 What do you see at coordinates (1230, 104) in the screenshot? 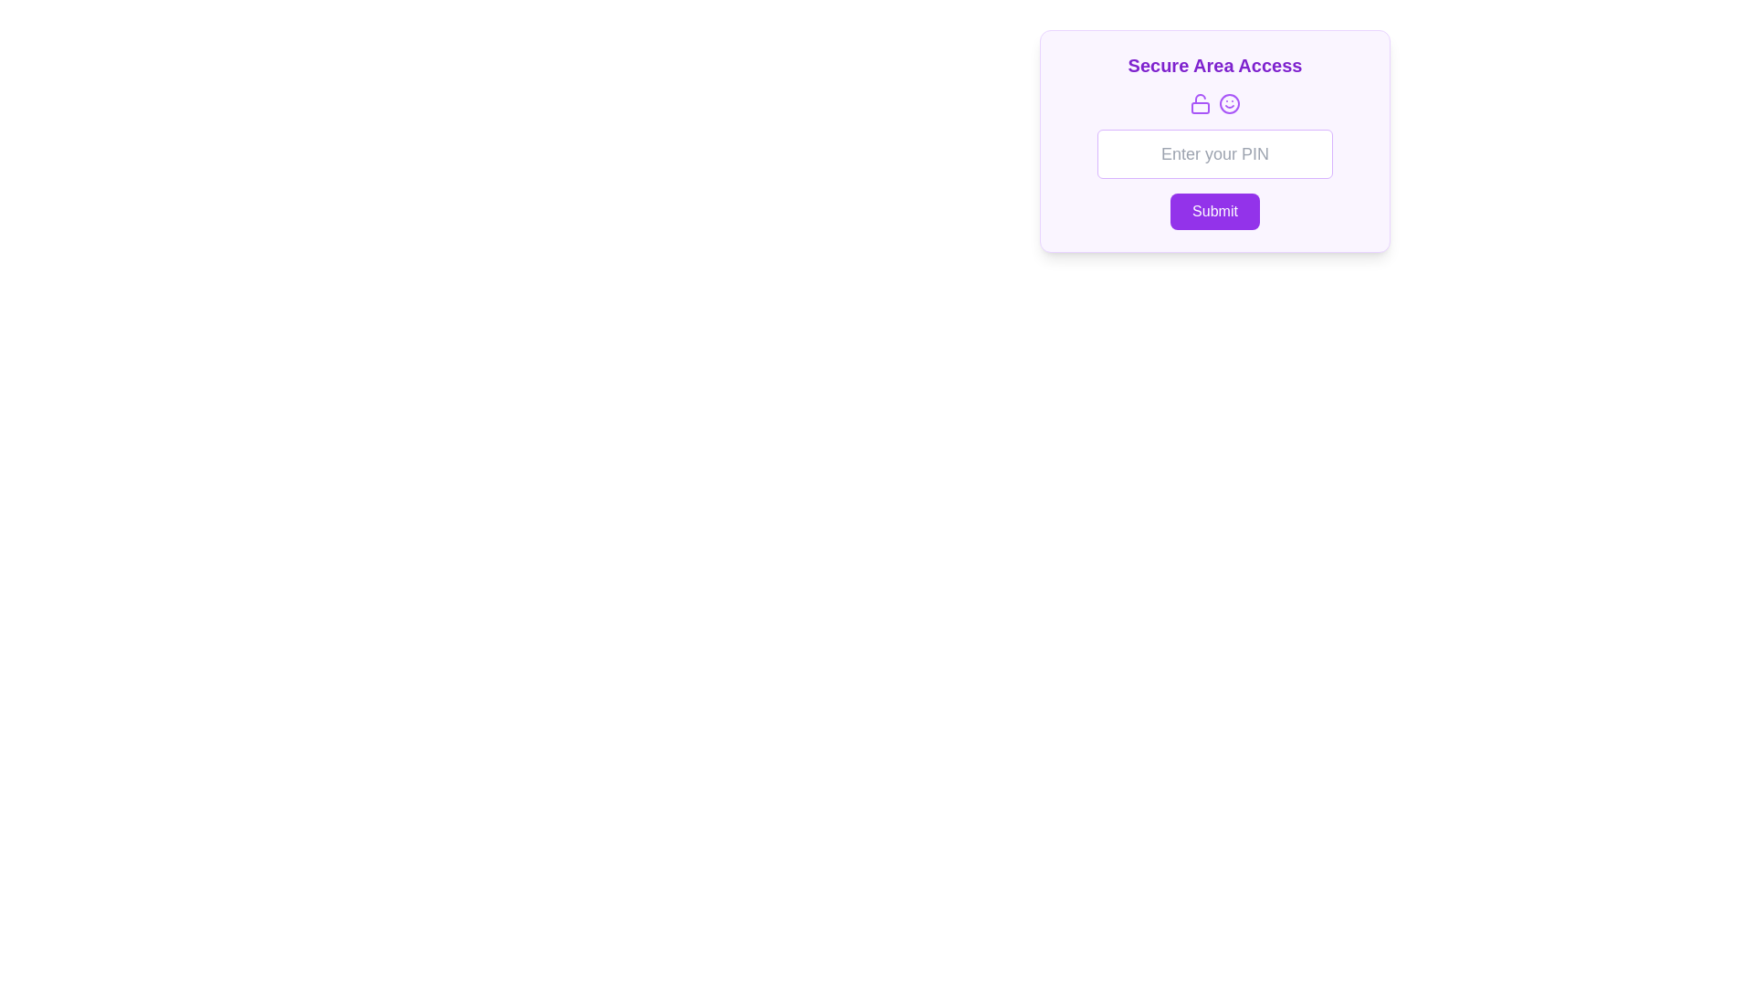
I see `the rounded purple smiley face icon, which is the second icon in the header of the 'Secure Area Access' form, positioned to the right of a lock-shaped icon` at bounding box center [1230, 104].